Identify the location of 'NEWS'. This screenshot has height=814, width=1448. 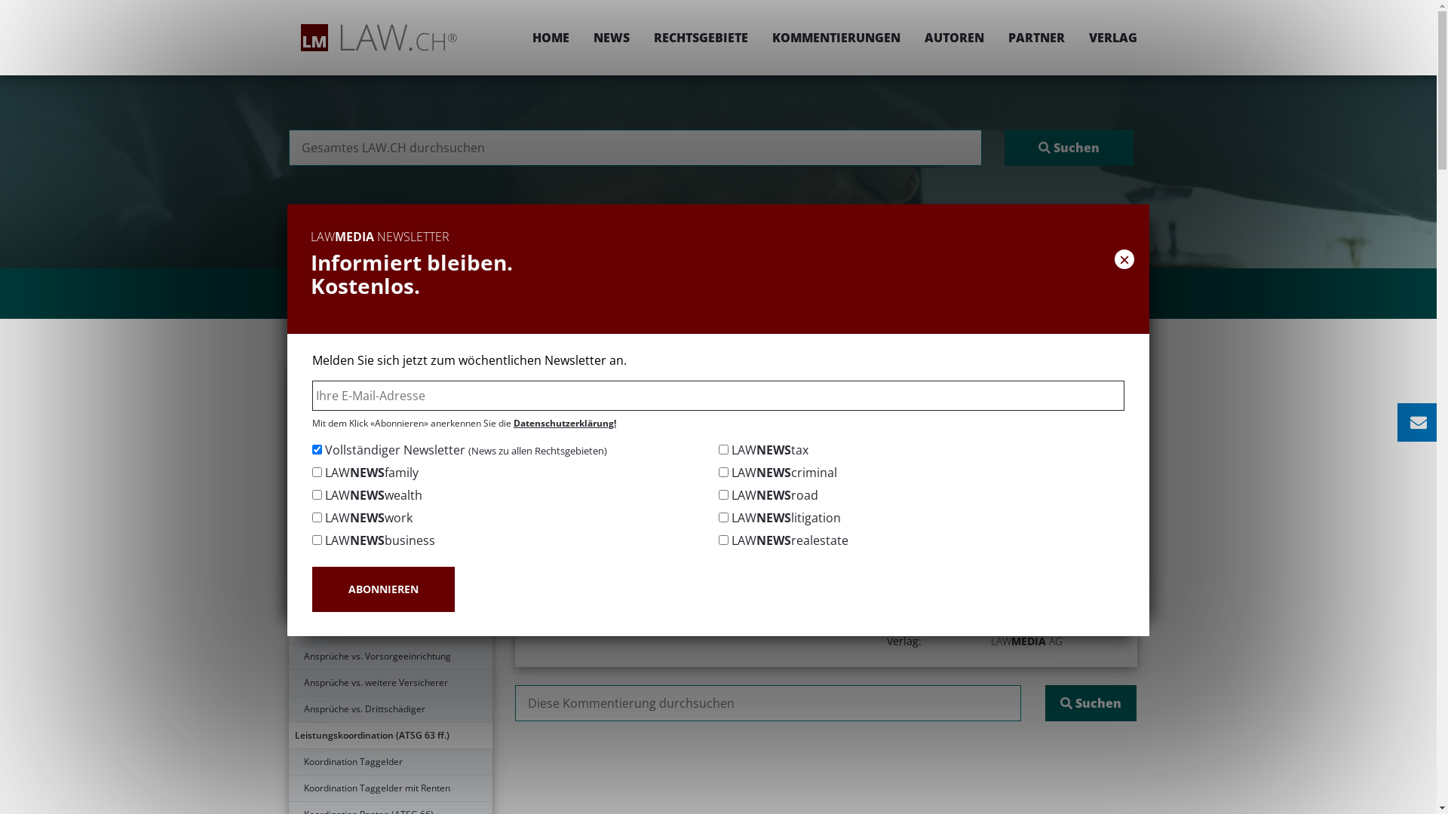
(611, 37).